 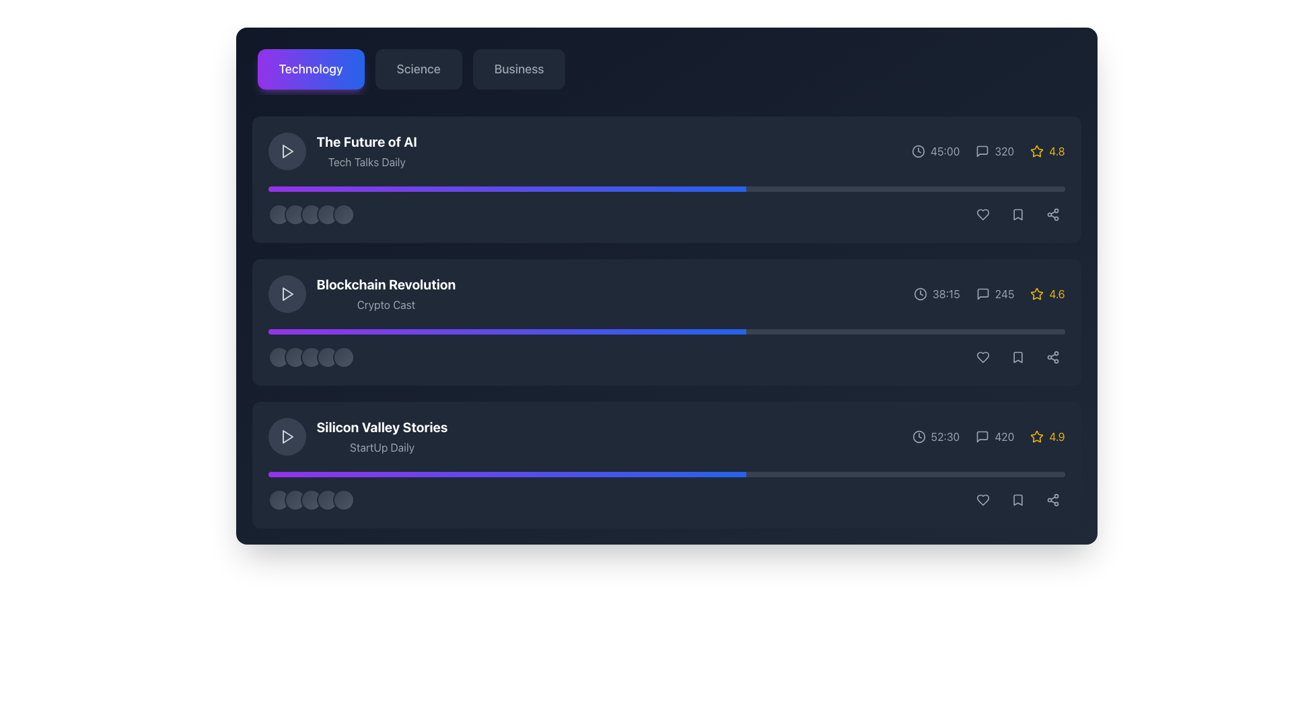 I want to click on the playback button located, so click(x=286, y=151).